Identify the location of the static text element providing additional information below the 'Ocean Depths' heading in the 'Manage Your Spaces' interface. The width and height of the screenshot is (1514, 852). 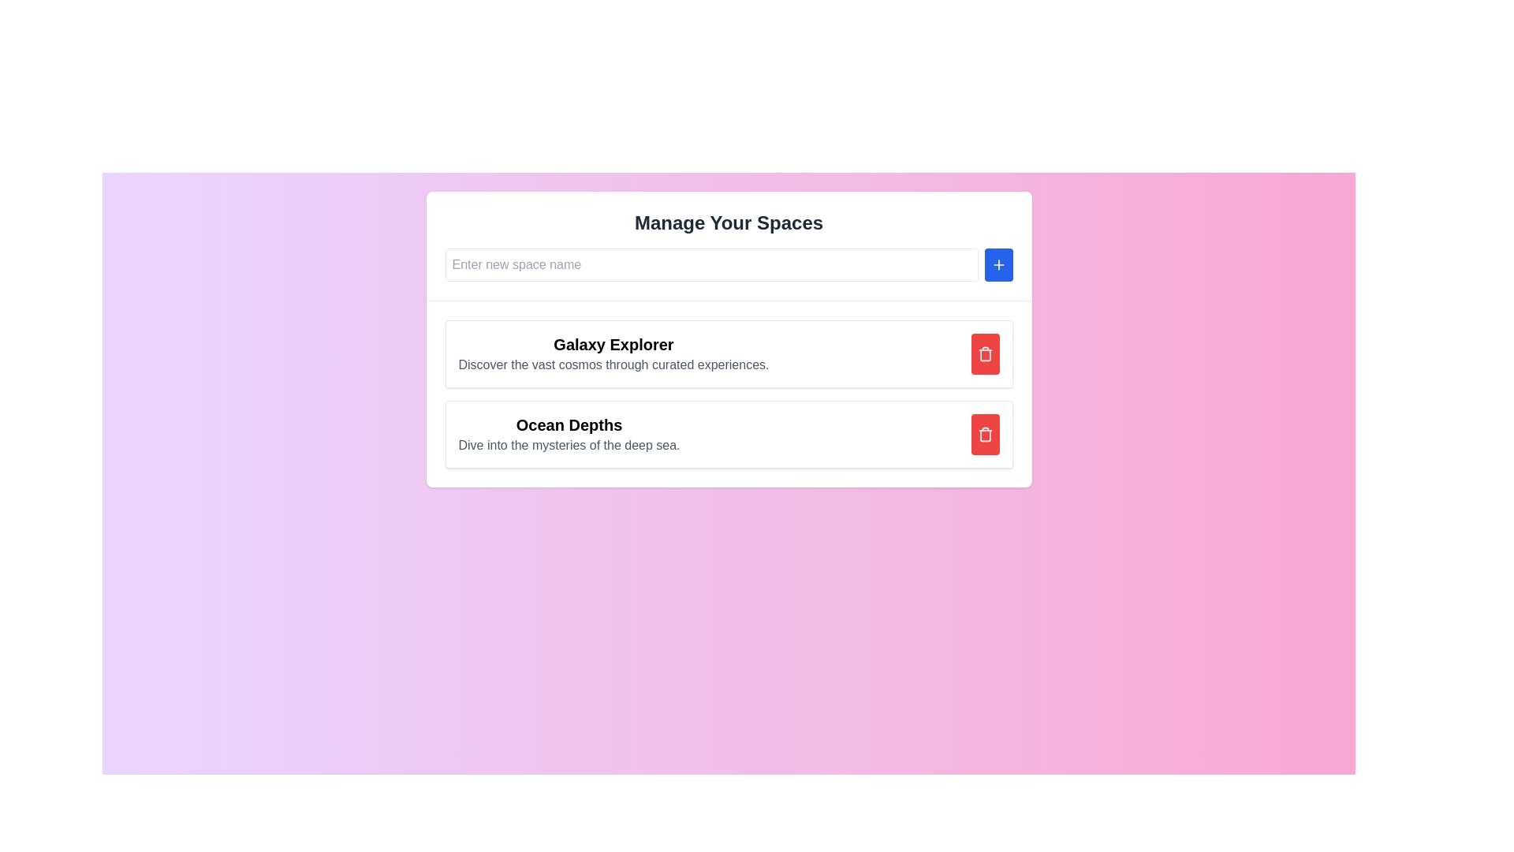
(569, 445).